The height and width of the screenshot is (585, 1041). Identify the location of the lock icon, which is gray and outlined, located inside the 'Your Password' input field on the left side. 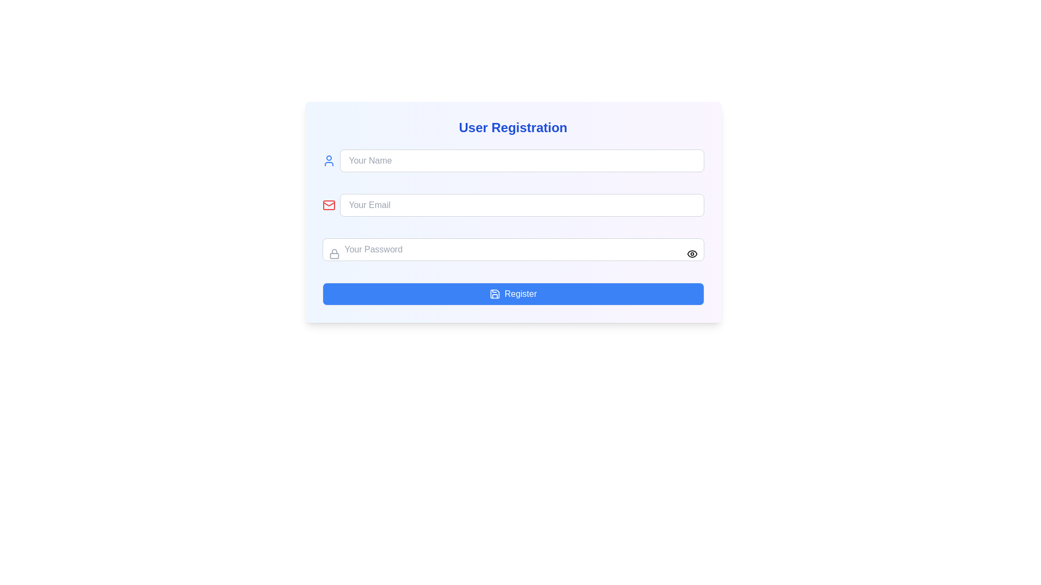
(333, 254).